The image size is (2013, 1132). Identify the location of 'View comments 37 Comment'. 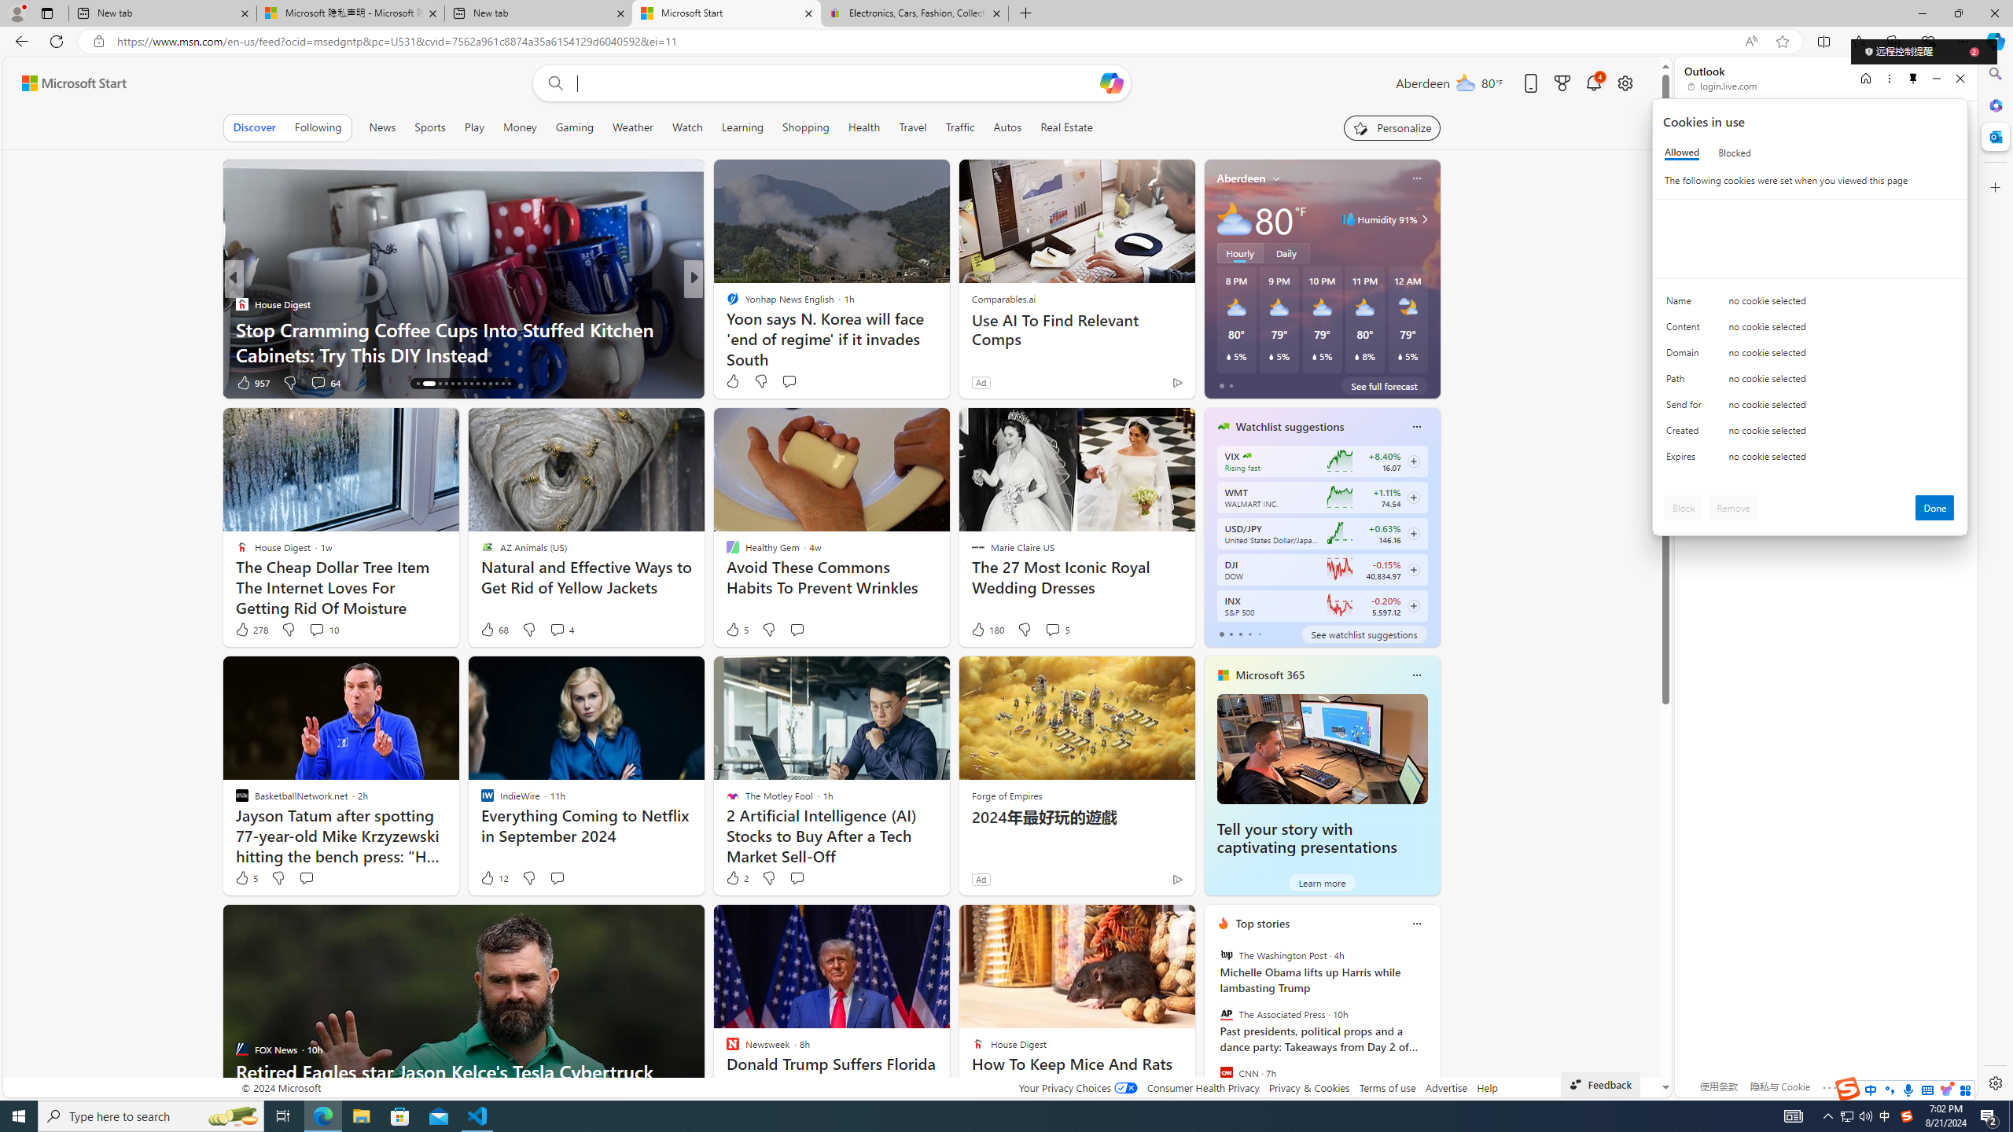
(804, 382).